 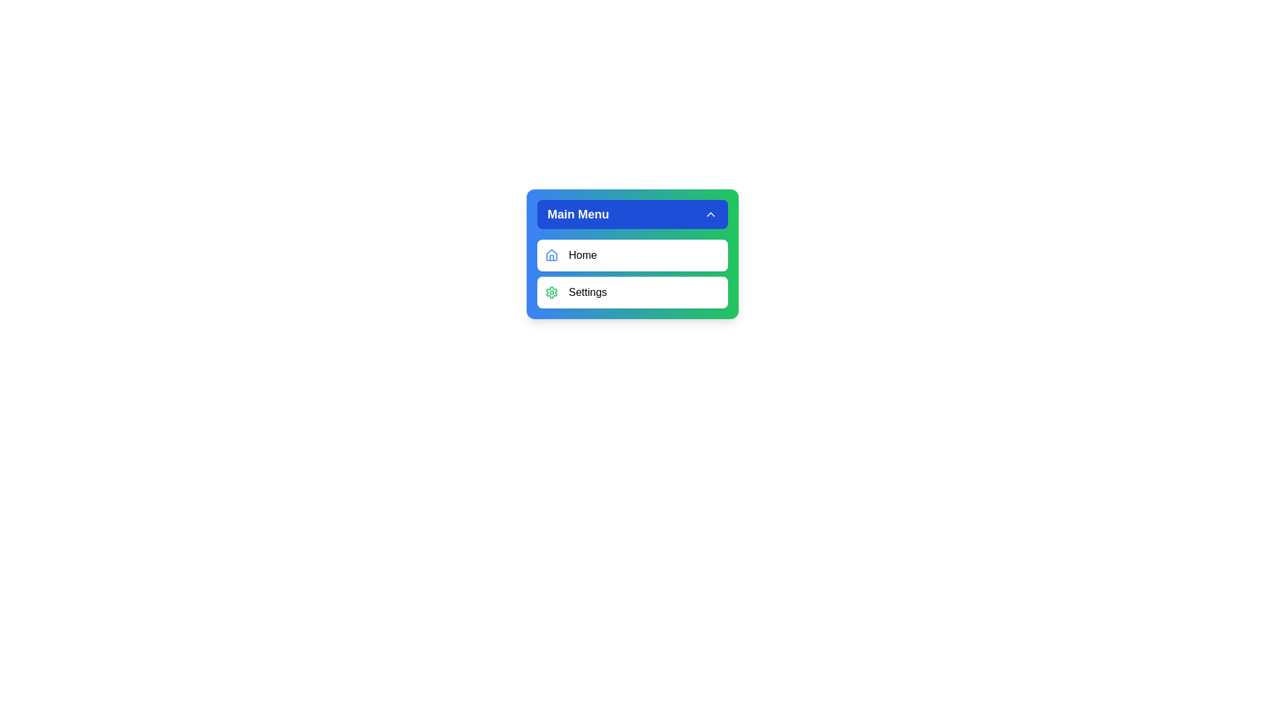 What do you see at coordinates (578, 214) in the screenshot?
I see `text 'Main Menu' displayed in white, bold typography on a blue background in the dropdown menu's header section` at bounding box center [578, 214].